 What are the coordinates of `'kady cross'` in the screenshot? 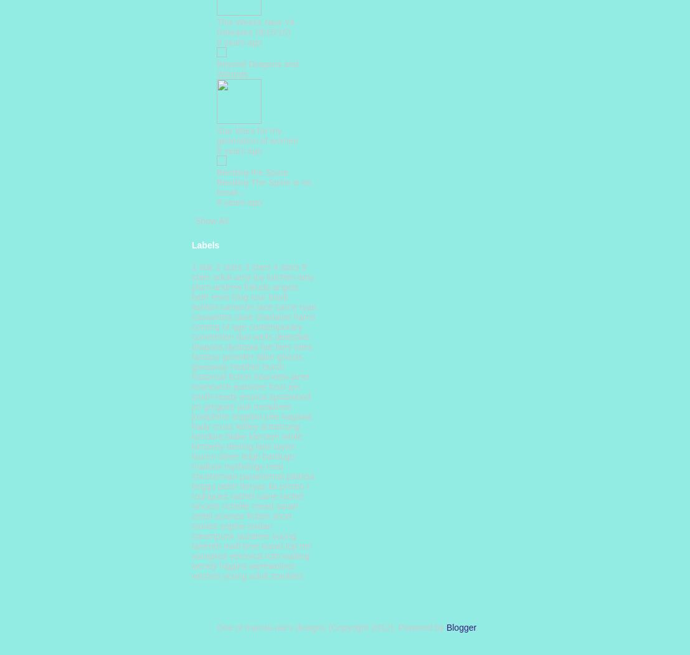 It's located at (212, 425).